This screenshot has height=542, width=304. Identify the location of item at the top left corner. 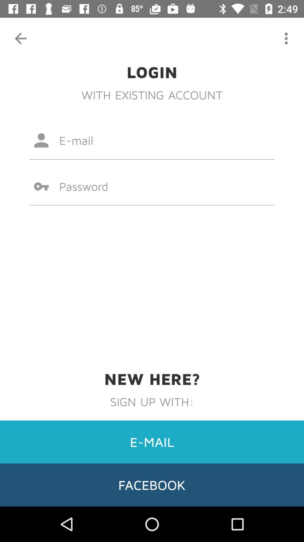
(20, 38).